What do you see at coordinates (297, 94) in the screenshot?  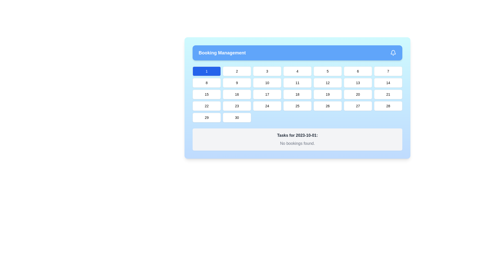 I see `the button numbered '18' in the grid layout under 'Booking Management'` at bounding box center [297, 94].